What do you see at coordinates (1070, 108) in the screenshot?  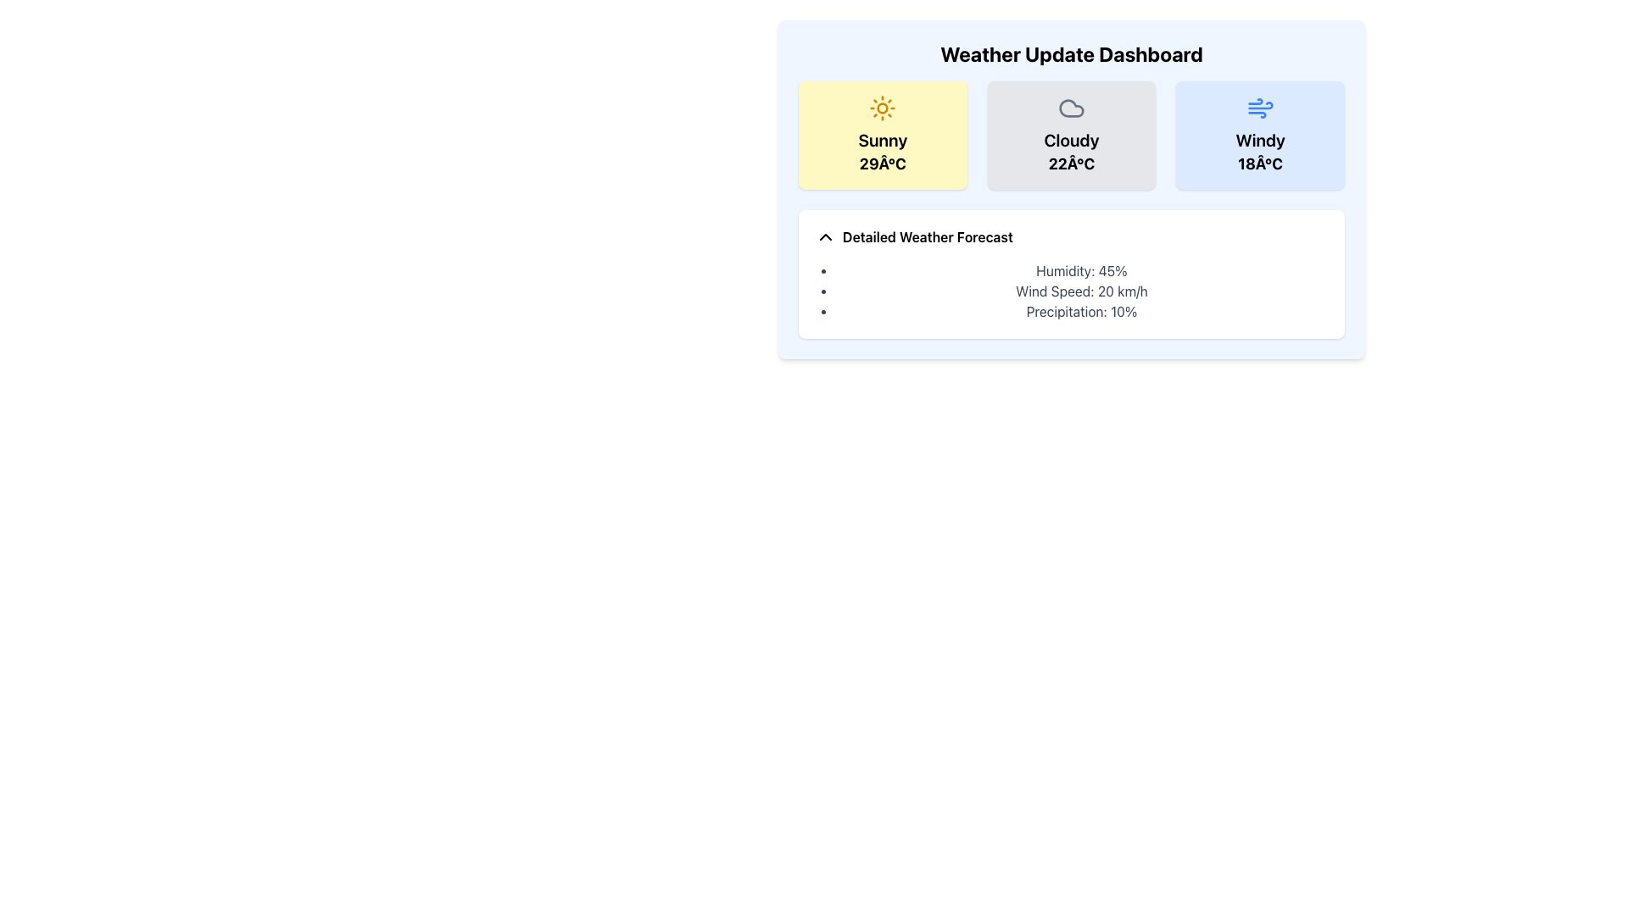 I see `the cloudy weather icon located at the top-center section of the weather forecast card, which is above the text 'Cloudy 22Â°C'` at bounding box center [1070, 108].